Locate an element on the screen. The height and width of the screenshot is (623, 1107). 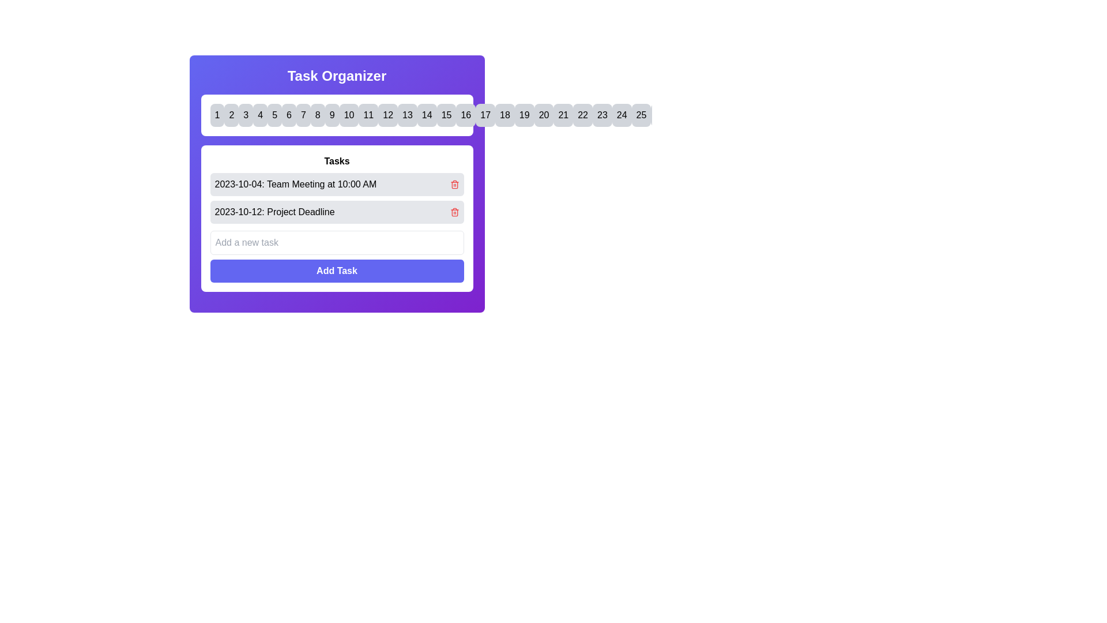
the rounded rectangular button labeled '21' with a light gray background is located at coordinates (563, 115).